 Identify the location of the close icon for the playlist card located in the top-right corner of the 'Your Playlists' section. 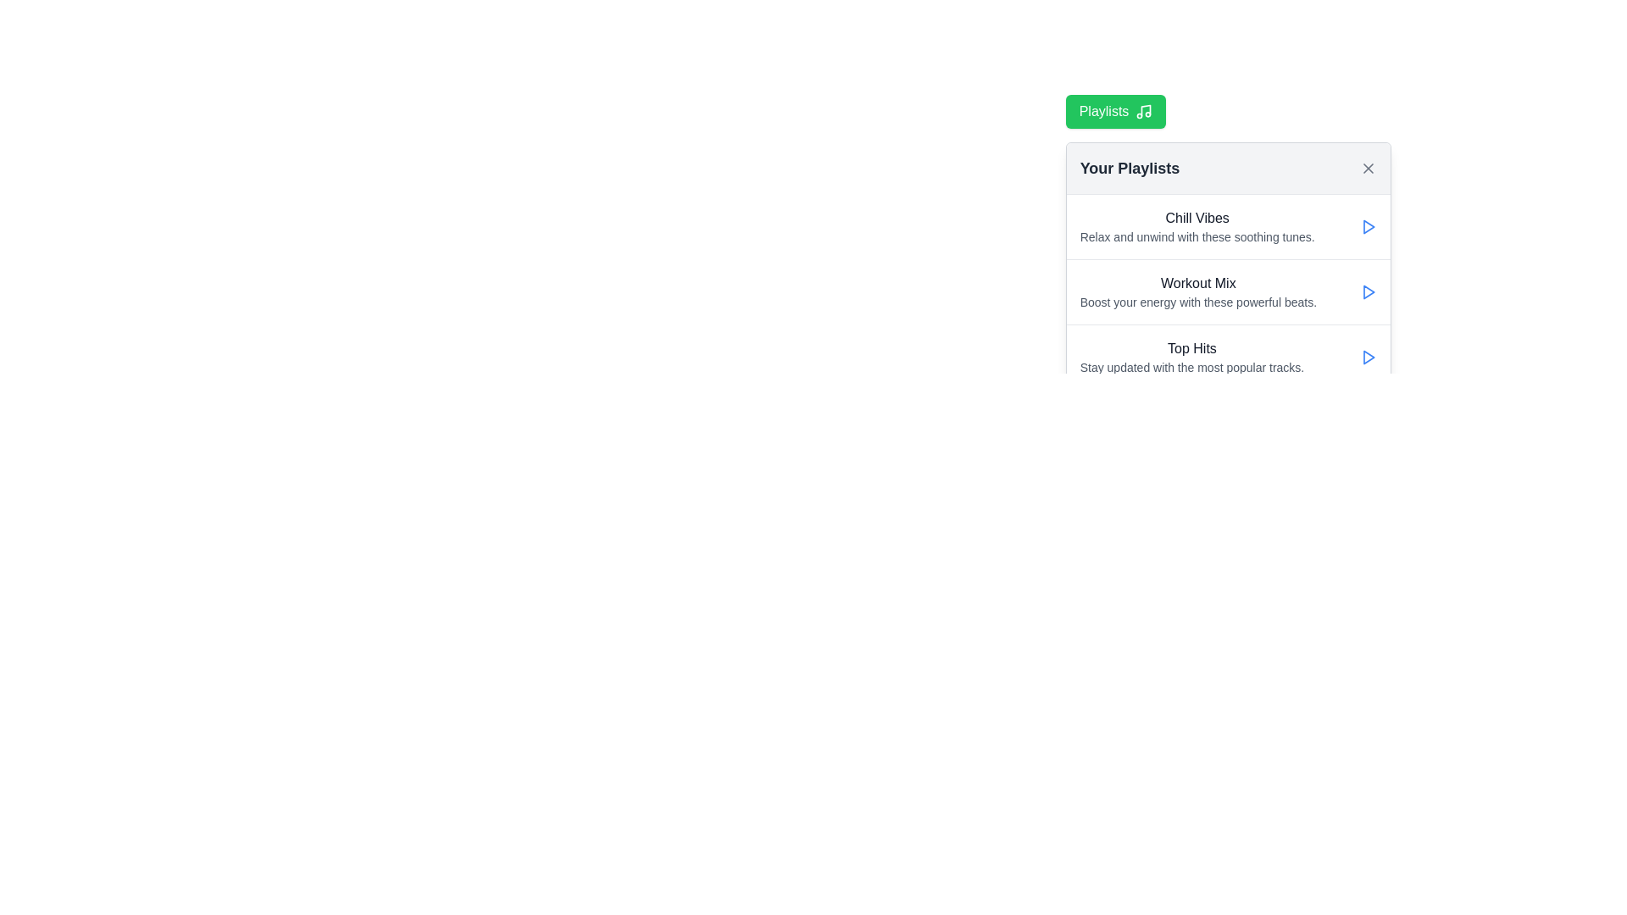
(1368, 169).